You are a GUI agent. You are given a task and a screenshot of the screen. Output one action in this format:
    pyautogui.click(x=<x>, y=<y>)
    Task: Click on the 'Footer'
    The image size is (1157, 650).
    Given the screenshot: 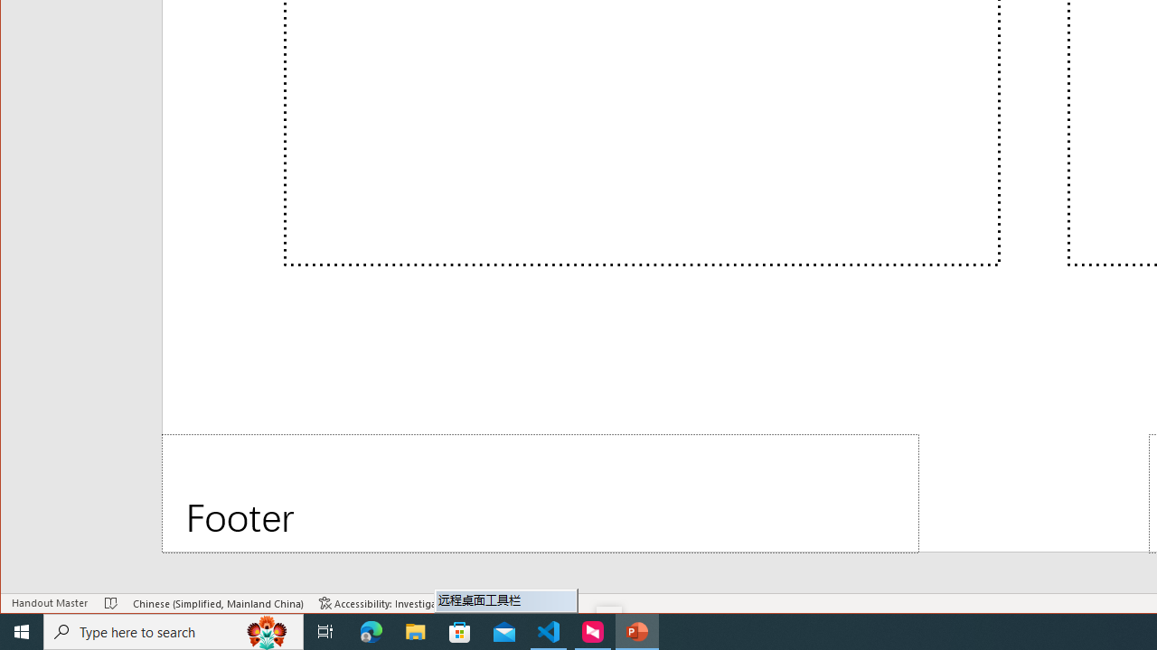 What is the action you would take?
    pyautogui.click(x=540, y=493)
    